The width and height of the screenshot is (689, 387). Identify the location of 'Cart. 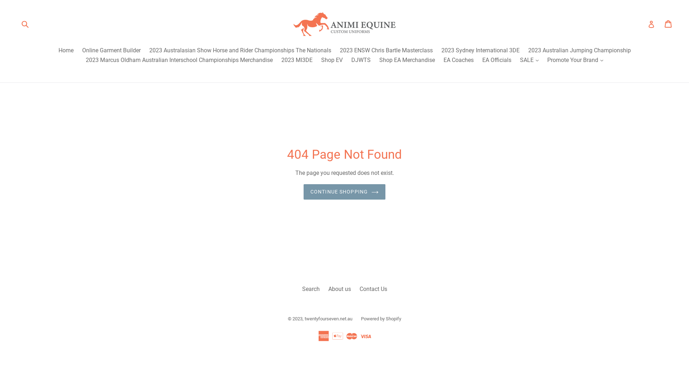
(668, 23).